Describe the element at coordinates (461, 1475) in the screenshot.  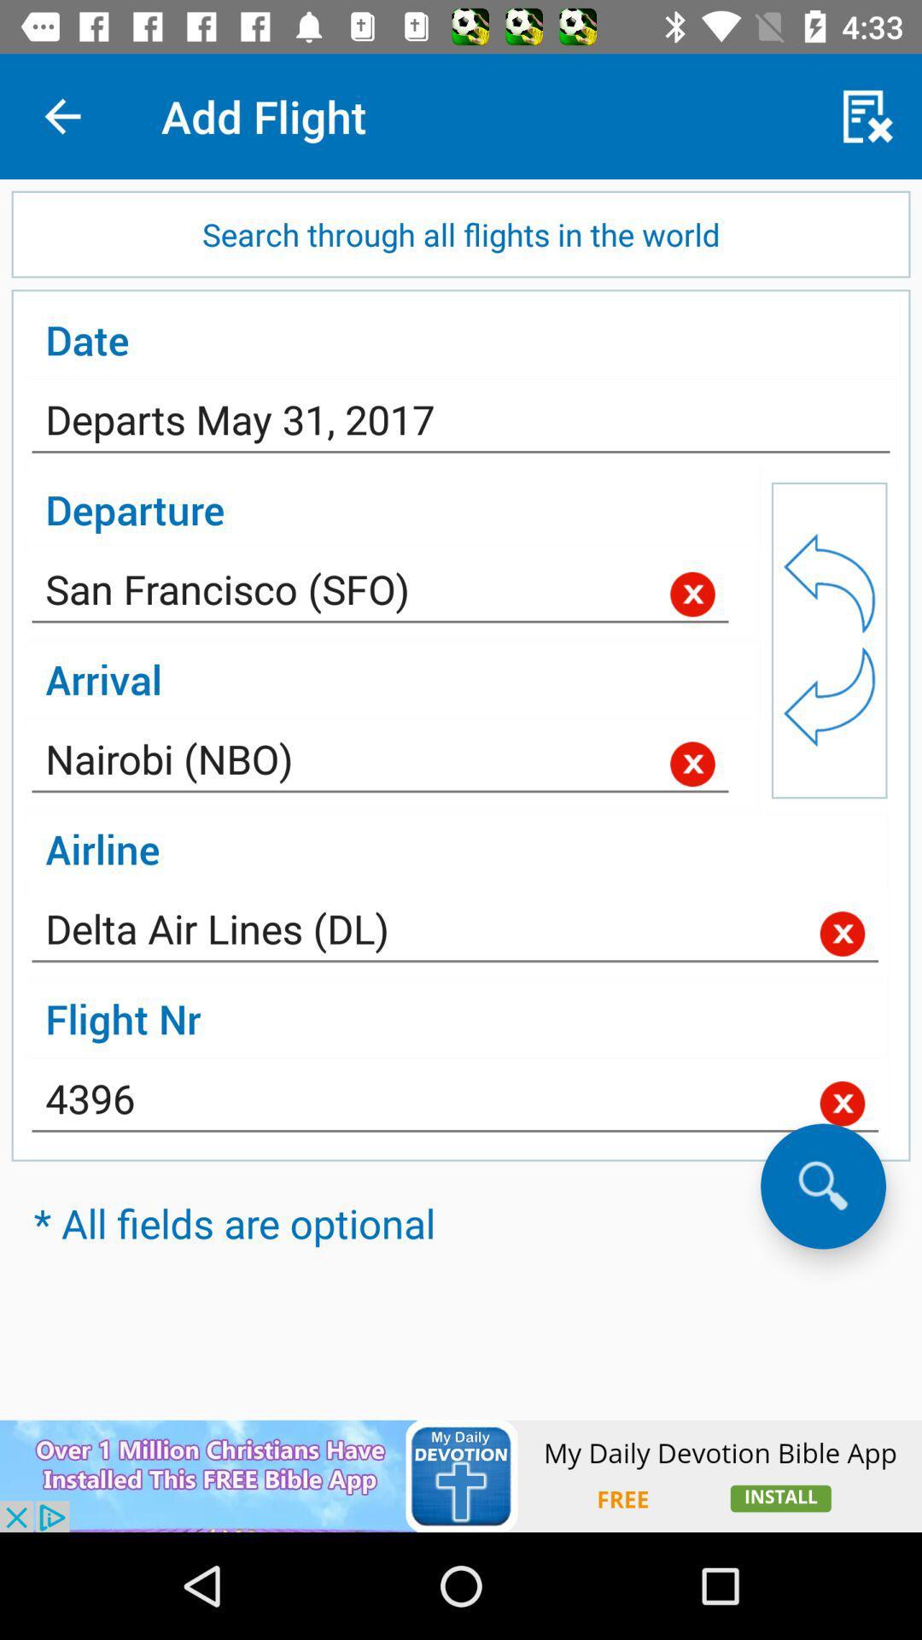
I see `open advertisement` at that location.